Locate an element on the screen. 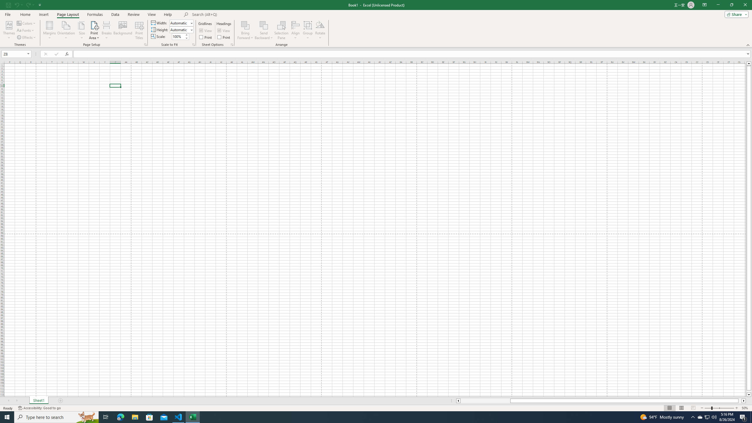  'Bring Forward' is located at coordinates (245, 30).